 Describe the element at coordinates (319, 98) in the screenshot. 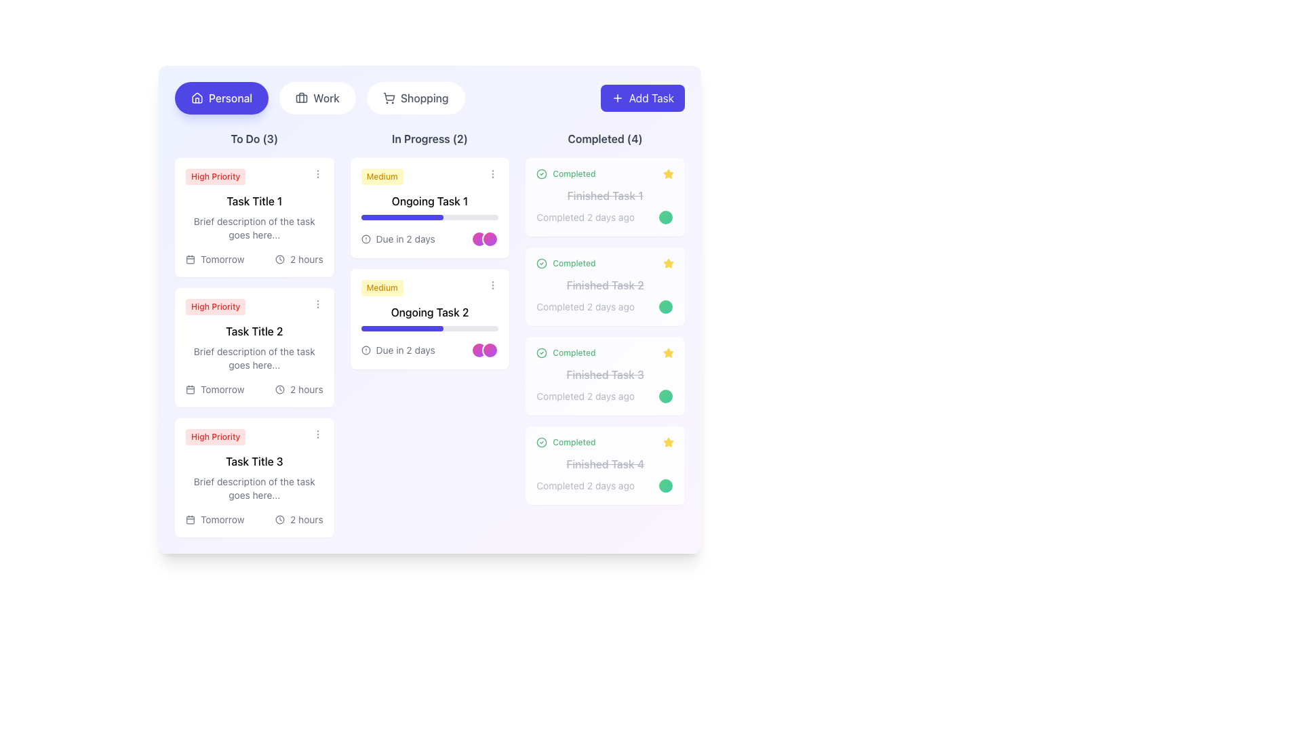

I see `the 'Work' tab in the Tab navigation interface` at that location.